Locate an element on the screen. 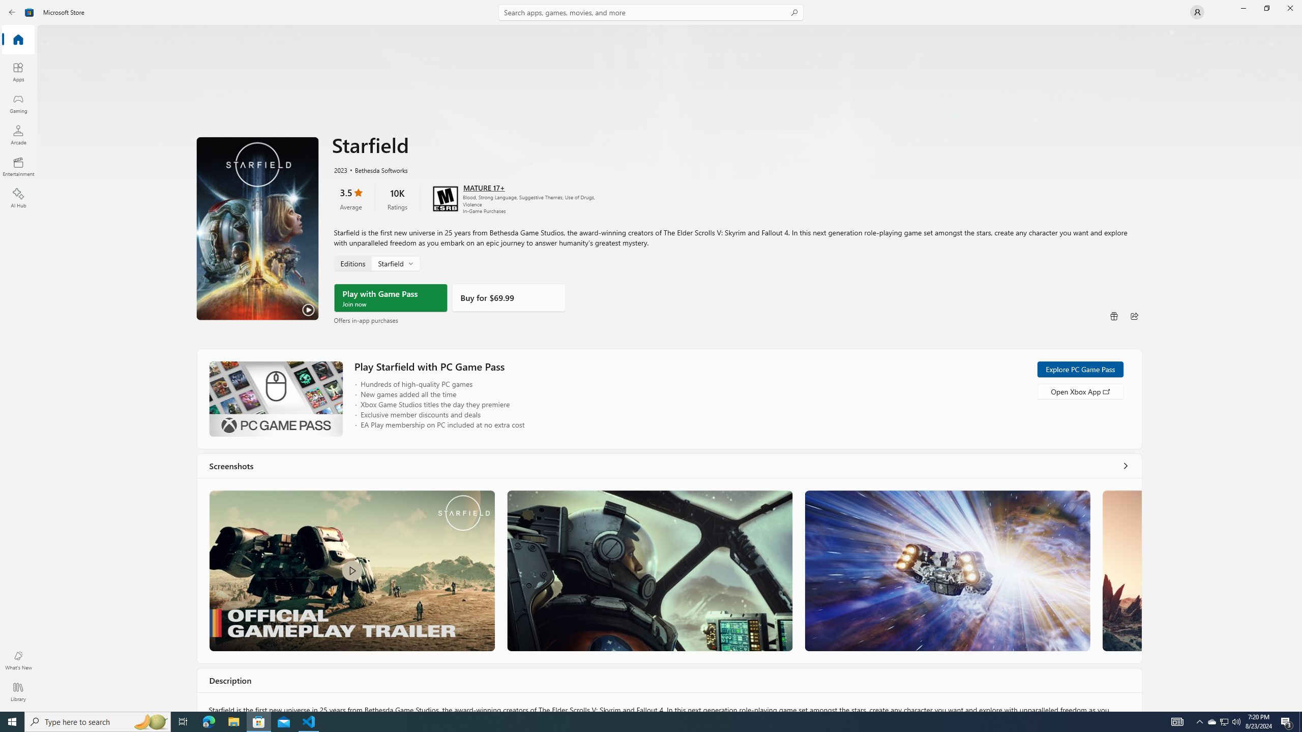 This screenshot has width=1302, height=732. 'Screenshot 4' is located at coordinates (1121, 570).